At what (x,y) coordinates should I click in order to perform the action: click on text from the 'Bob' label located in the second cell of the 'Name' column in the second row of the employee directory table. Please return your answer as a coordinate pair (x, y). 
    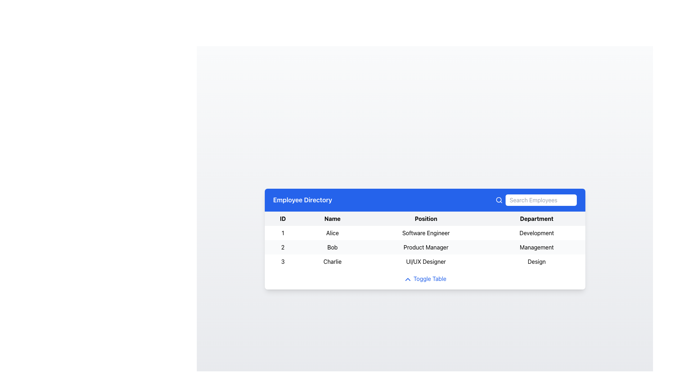
    Looking at the image, I should click on (332, 247).